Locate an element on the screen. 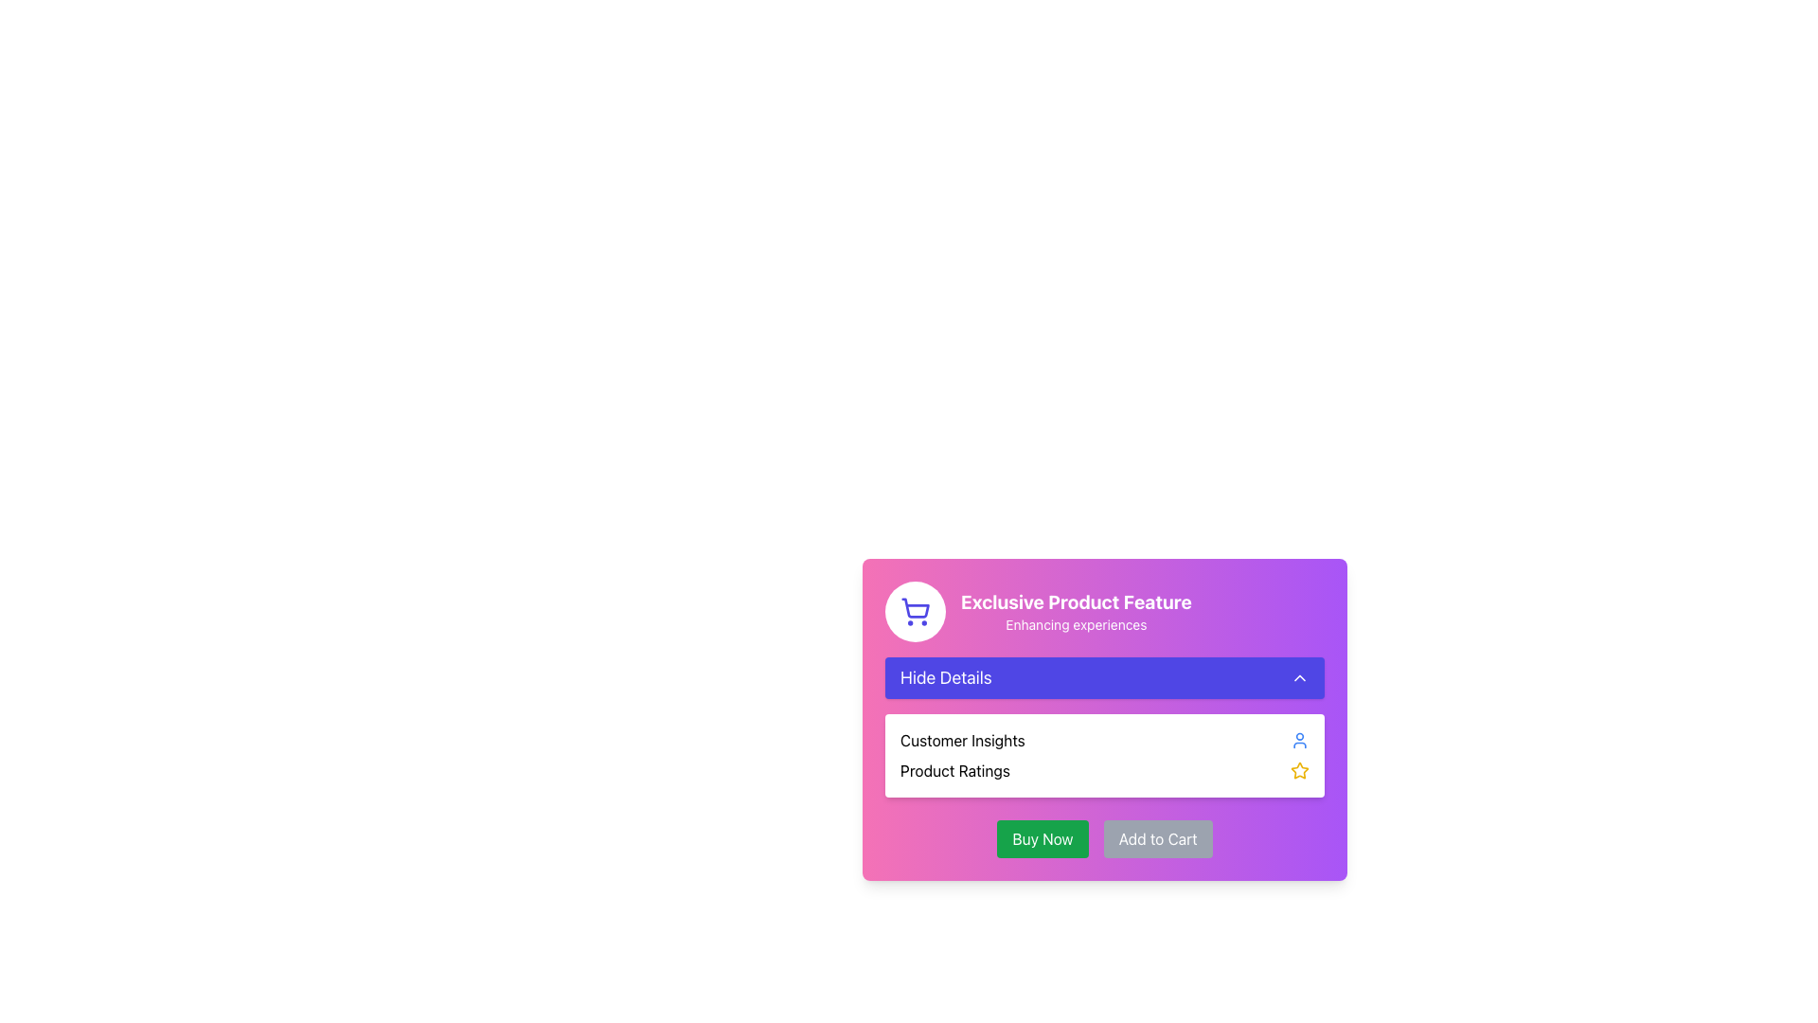 Image resolution: width=1818 pixels, height=1023 pixels. the small upward-pointing chevron icon located at the far-right side of the 'Hide Details' button is located at coordinates (1298, 677).